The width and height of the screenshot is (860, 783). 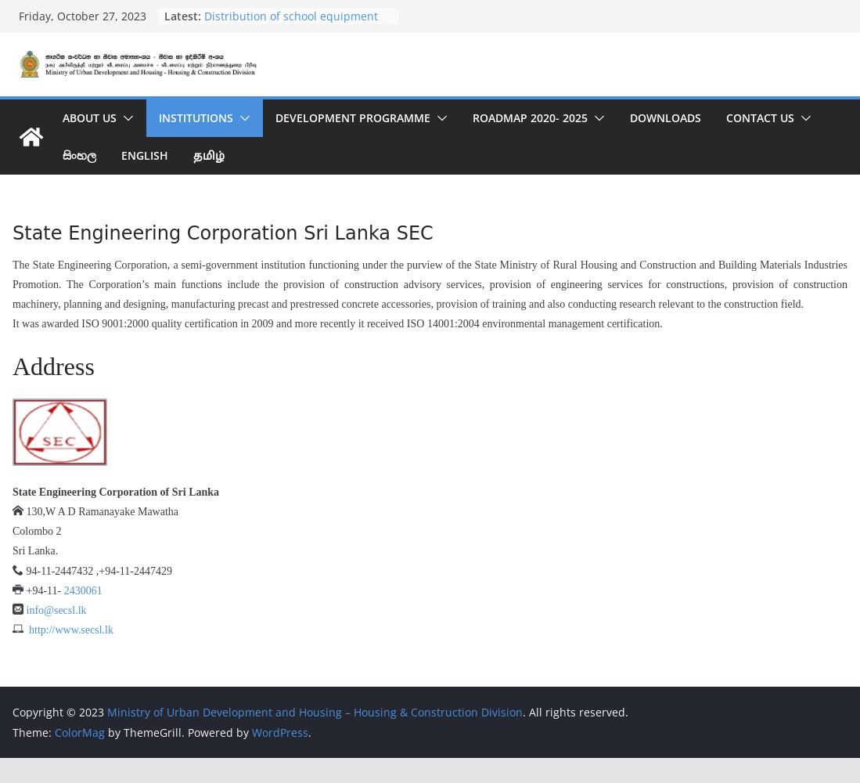 I want to click on 'Roadmap 2020- 2025', so click(x=529, y=117).